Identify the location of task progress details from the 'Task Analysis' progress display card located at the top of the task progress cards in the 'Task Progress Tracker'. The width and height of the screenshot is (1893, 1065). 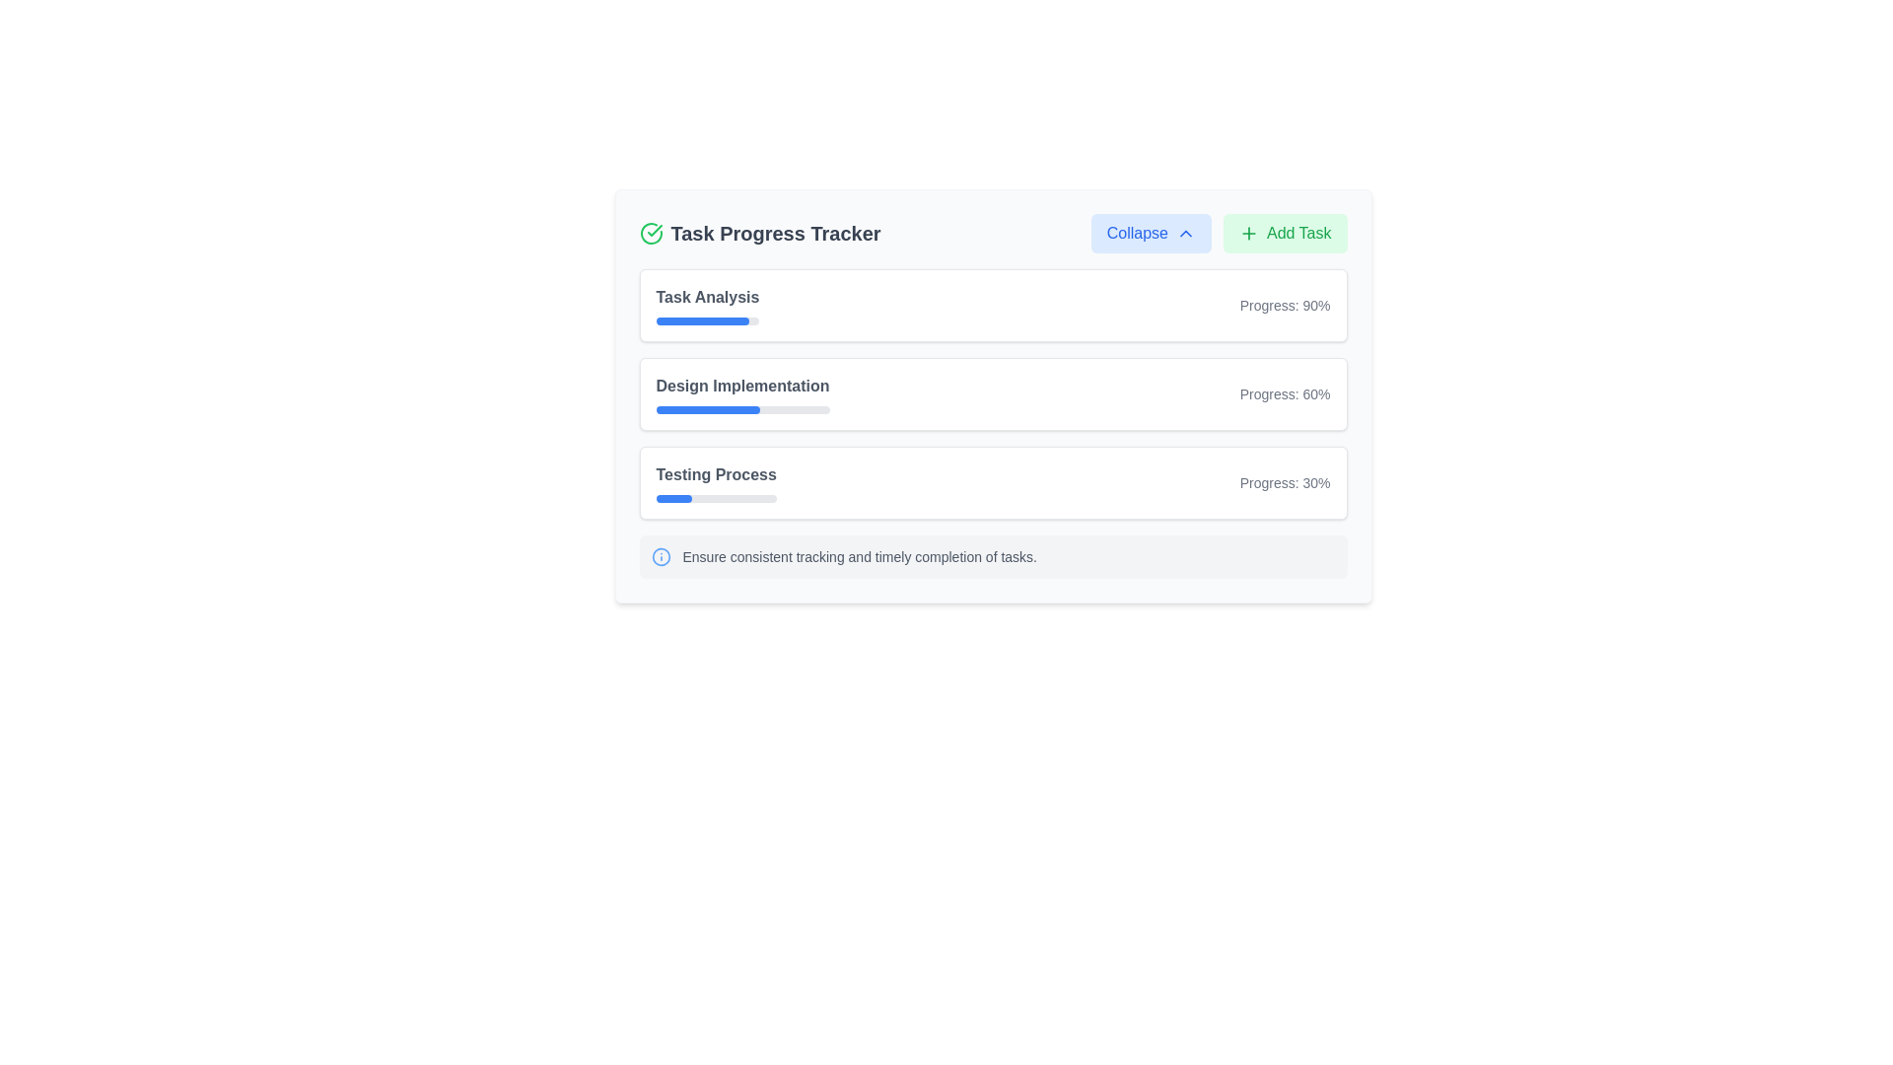
(993, 305).